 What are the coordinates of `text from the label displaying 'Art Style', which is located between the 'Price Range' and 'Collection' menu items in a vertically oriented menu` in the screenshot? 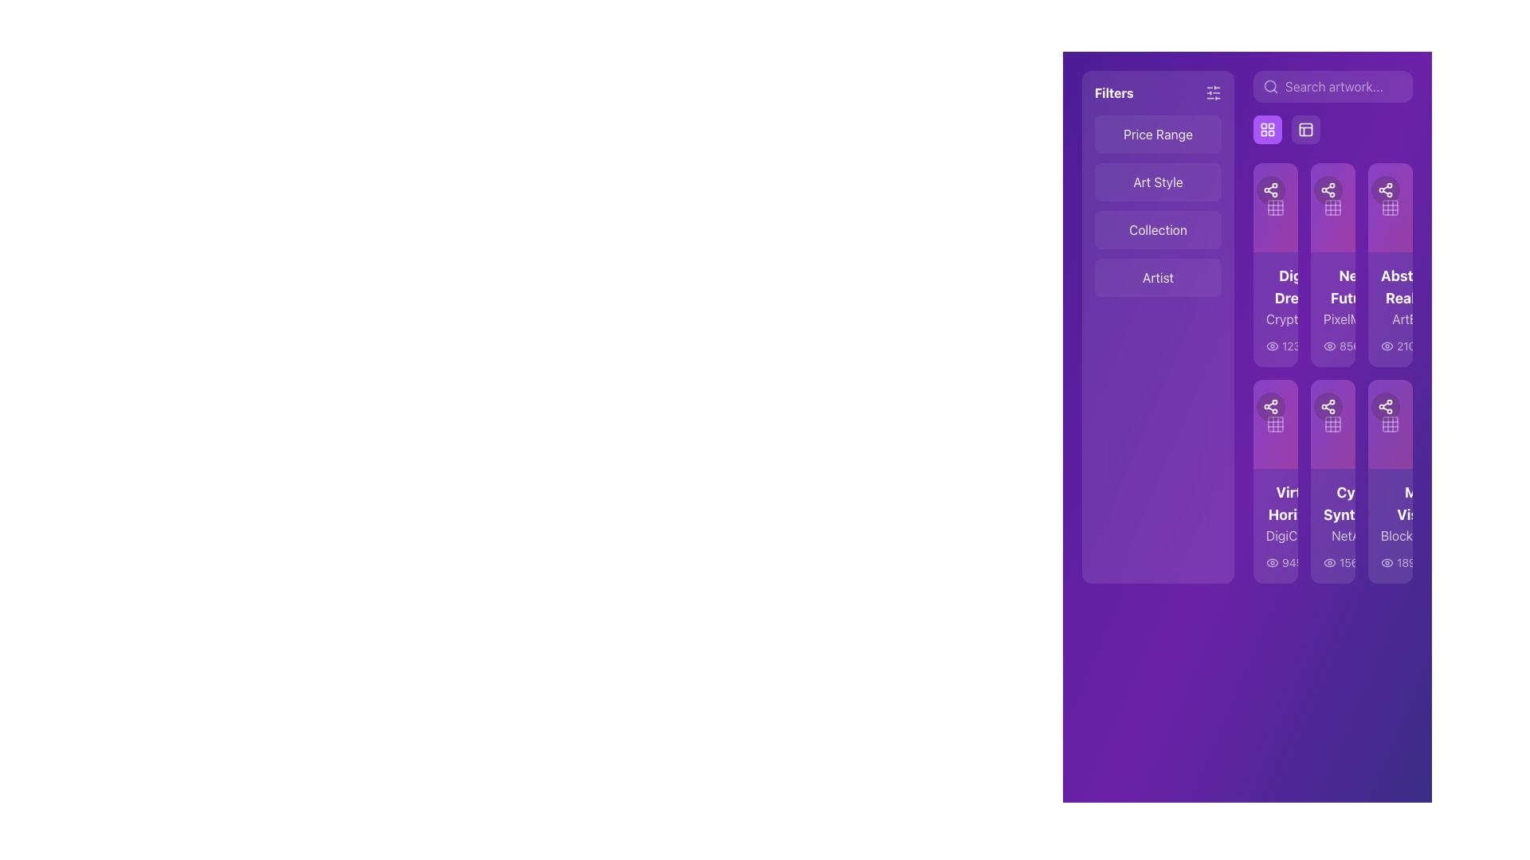 It's located at (1158, 181).